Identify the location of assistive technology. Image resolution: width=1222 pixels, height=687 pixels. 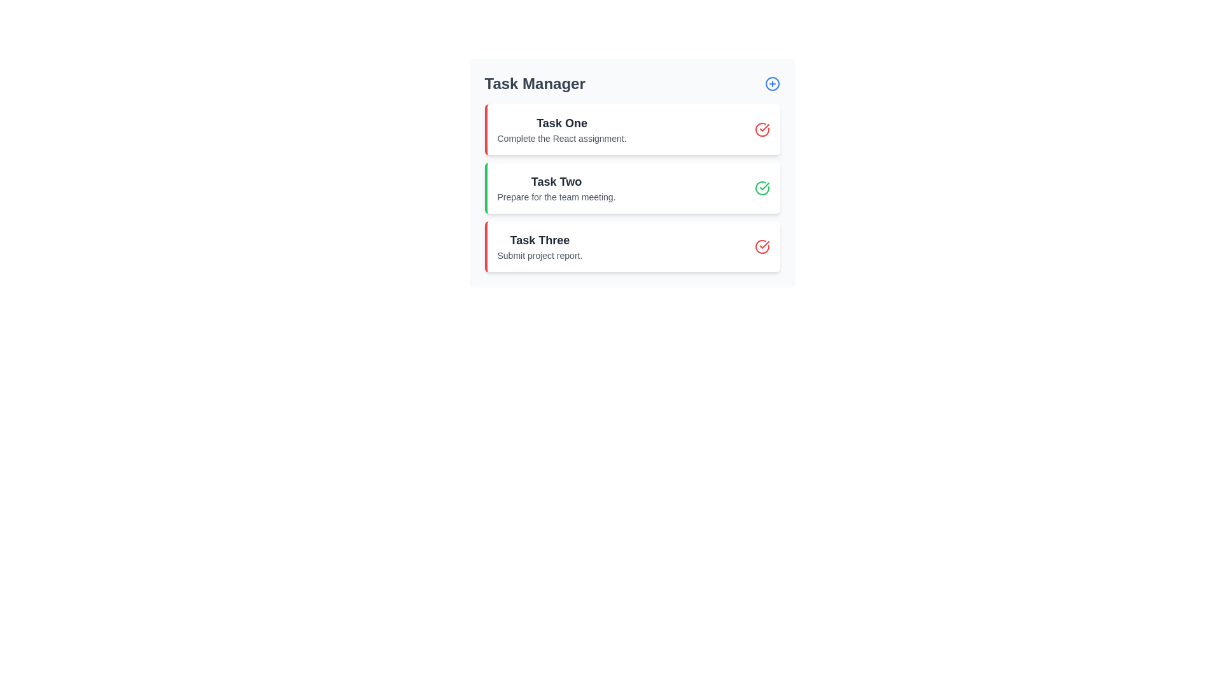
(540, 240).